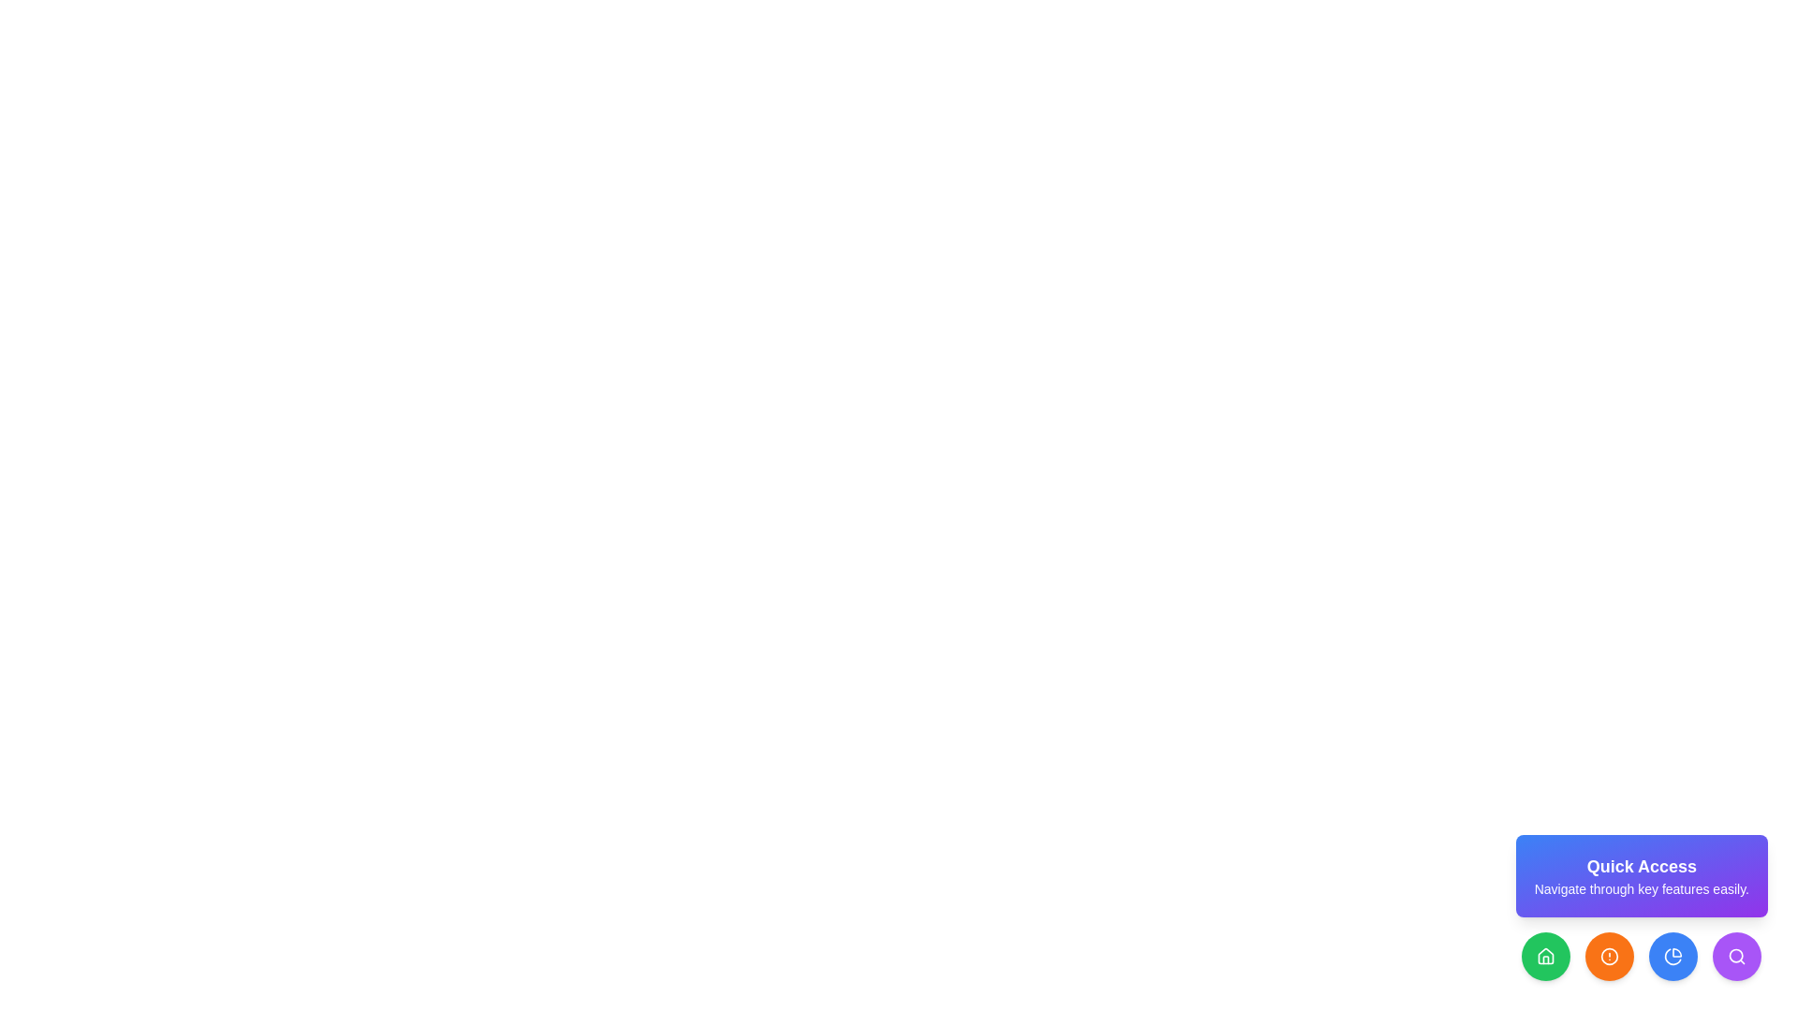 Image resolution: width=1798 pixels, height=1011 pixels. Describe the element at coordinates (1673, 957) in the screenshot. I see `the pie chart icon, which is a blue SVG icon with a circular outline and two wedge-like divisions, located centrally within a blue button in the lower-right corner of the interface` at that location.